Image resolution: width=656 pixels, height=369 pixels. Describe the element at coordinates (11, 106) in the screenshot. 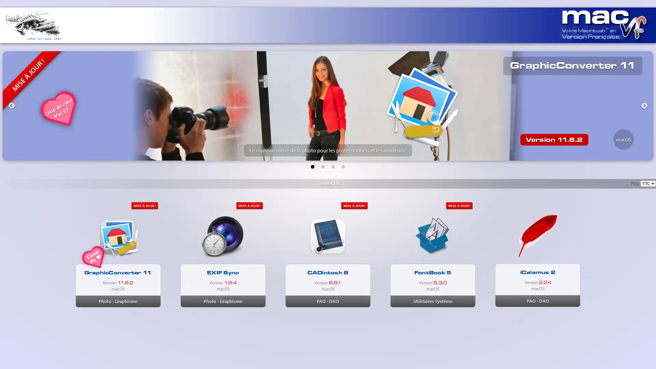

I see `Previous` at that location.